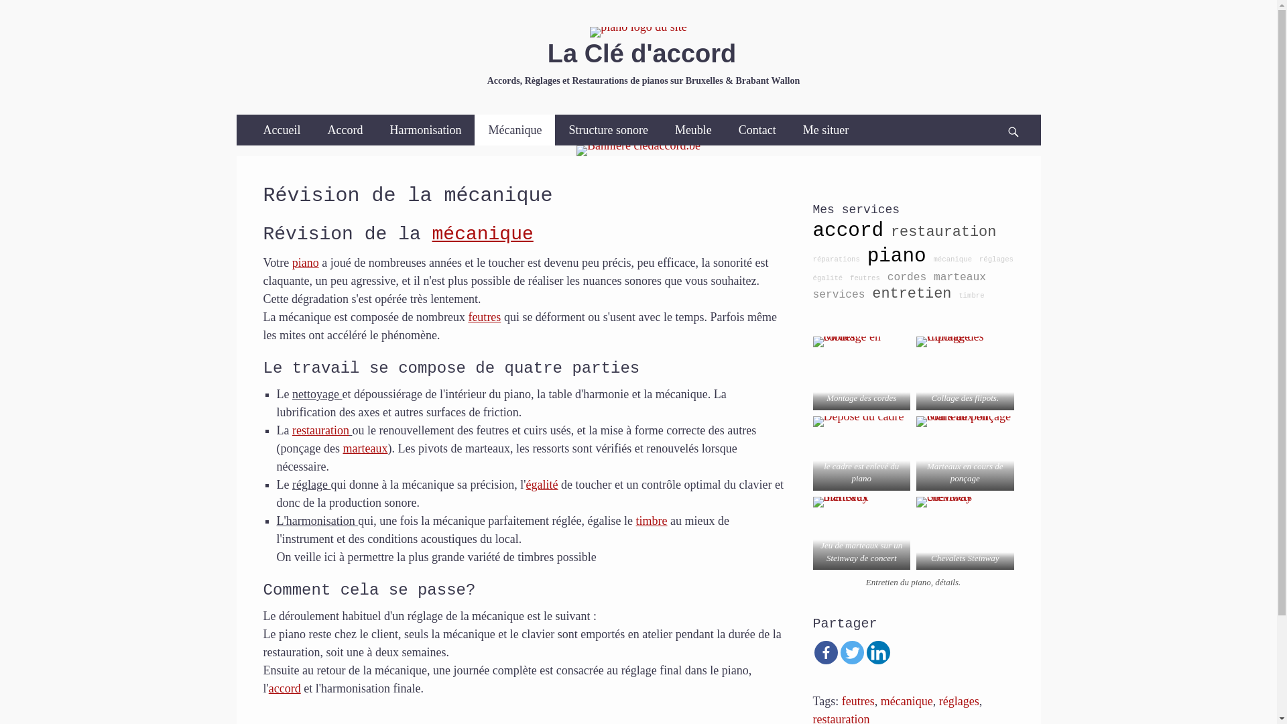 This screenshot has height=724, width=1287. I want to click on 'Me situer', so click(825, 129).